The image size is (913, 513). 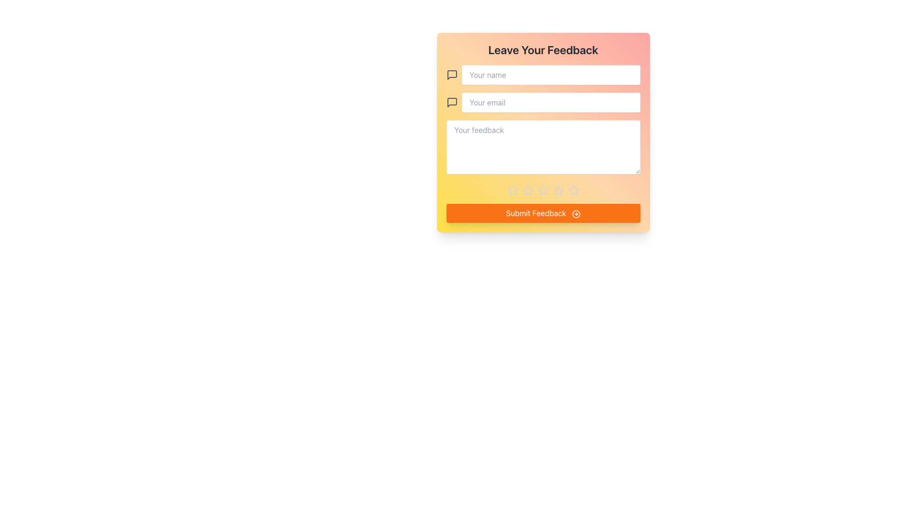 What do you see at coordinates (543, 190) in the screenshot?
I see `the third star icon, which is grayish in tone and part of a rating system, located below the feedback text area and above the 'Submit Feedback' button` at bounding box center [543, 190].